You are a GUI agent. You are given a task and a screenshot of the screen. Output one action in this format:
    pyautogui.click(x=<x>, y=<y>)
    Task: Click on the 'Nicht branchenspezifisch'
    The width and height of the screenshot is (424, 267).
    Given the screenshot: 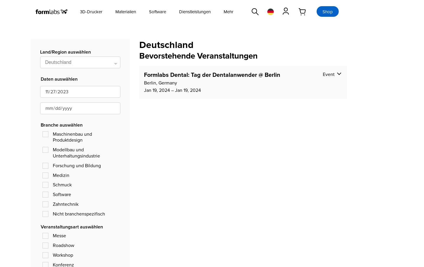 What is the action you would take?
    pyautogui.click(x=79, y=213)
    